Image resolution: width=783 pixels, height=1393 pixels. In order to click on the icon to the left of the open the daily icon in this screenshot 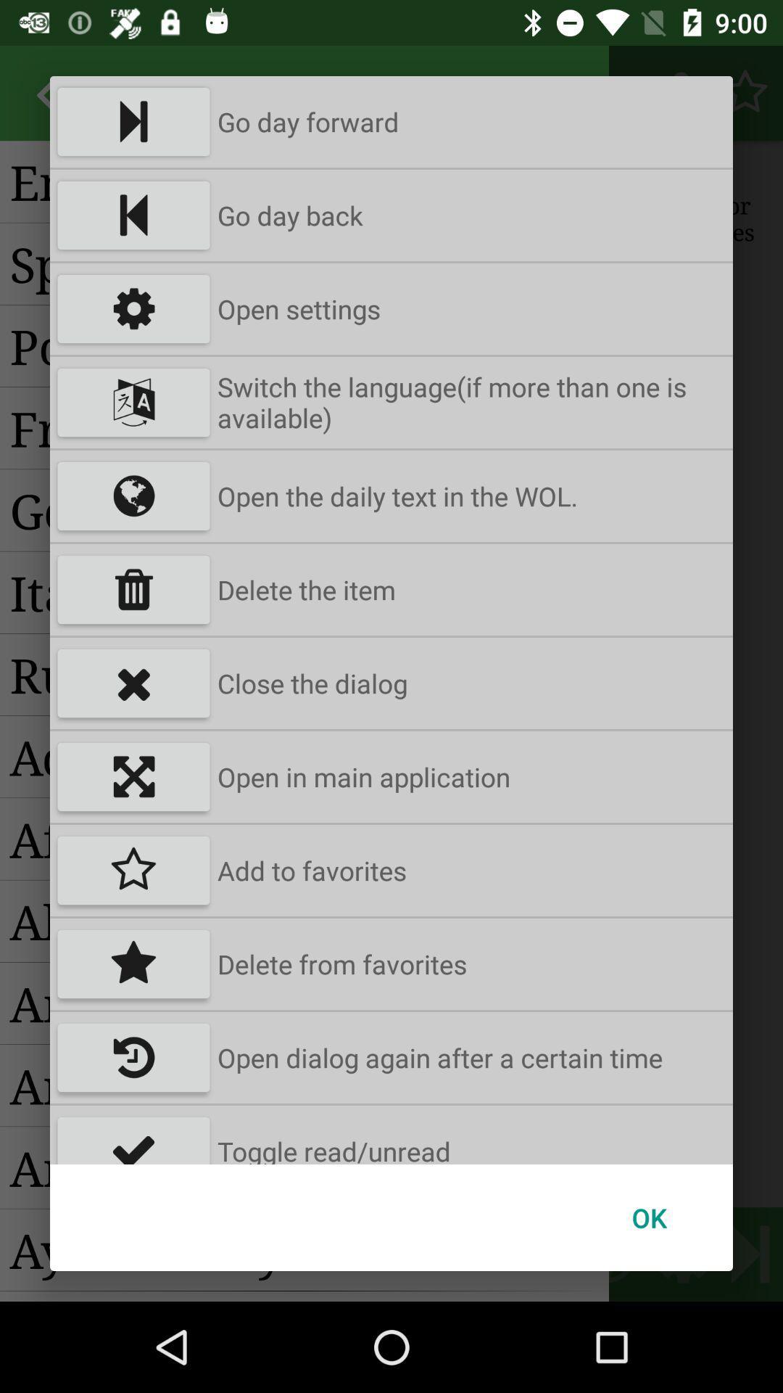, I will do `click(133, 496)`.